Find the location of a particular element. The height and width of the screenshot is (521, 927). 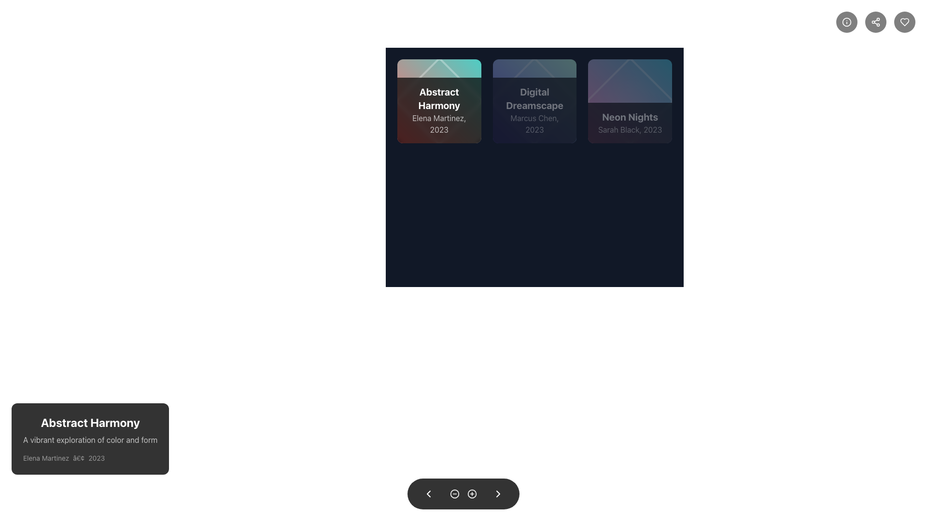

the circular button with a gray backdrop and a white heart icon at its center is located at coordinates (904, 22).